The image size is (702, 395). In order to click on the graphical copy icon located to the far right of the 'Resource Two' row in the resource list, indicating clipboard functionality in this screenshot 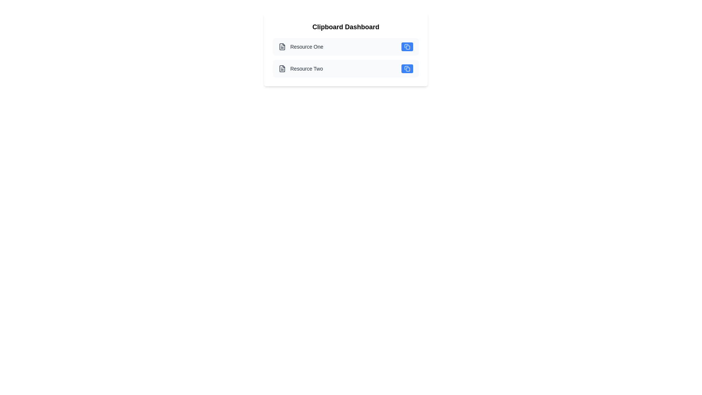, I will do `click(408, 69)`.